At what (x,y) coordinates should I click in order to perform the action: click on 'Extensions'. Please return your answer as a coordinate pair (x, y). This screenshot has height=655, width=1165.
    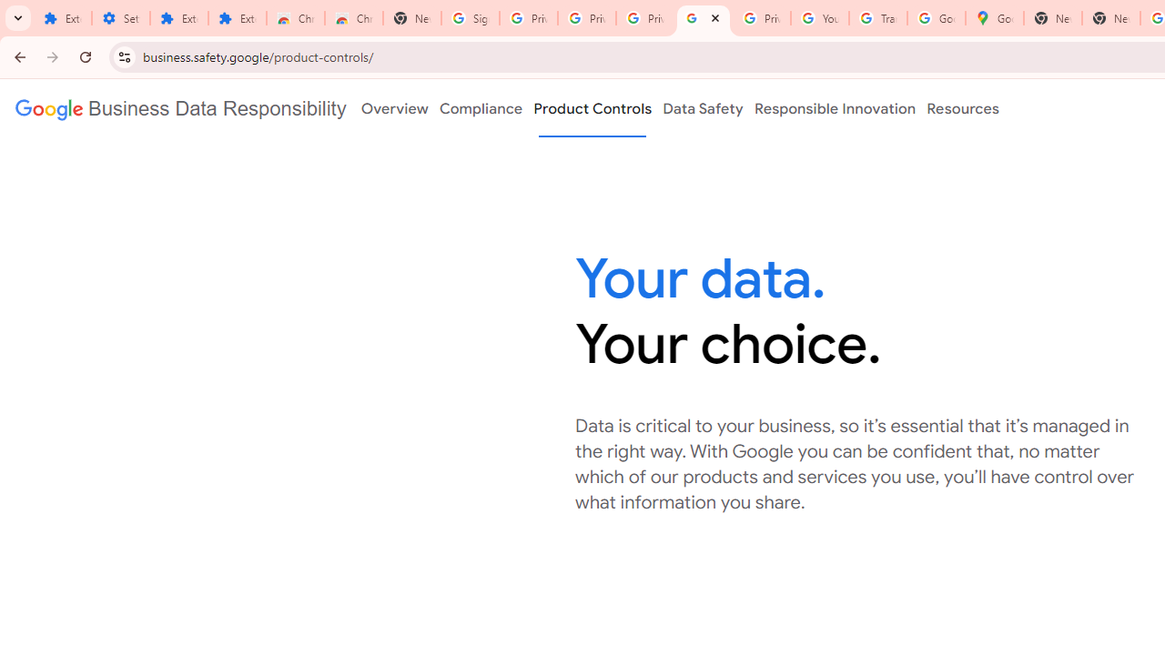
    Looking at the image, I should click on (179, 18).